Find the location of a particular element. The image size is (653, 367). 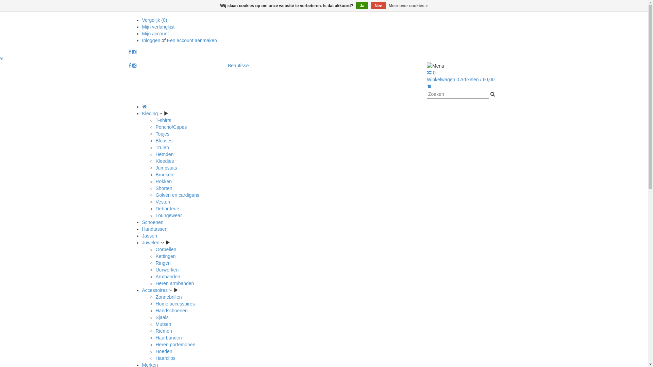

'Instagram Beautisse' is located at coordinates (134, 52).